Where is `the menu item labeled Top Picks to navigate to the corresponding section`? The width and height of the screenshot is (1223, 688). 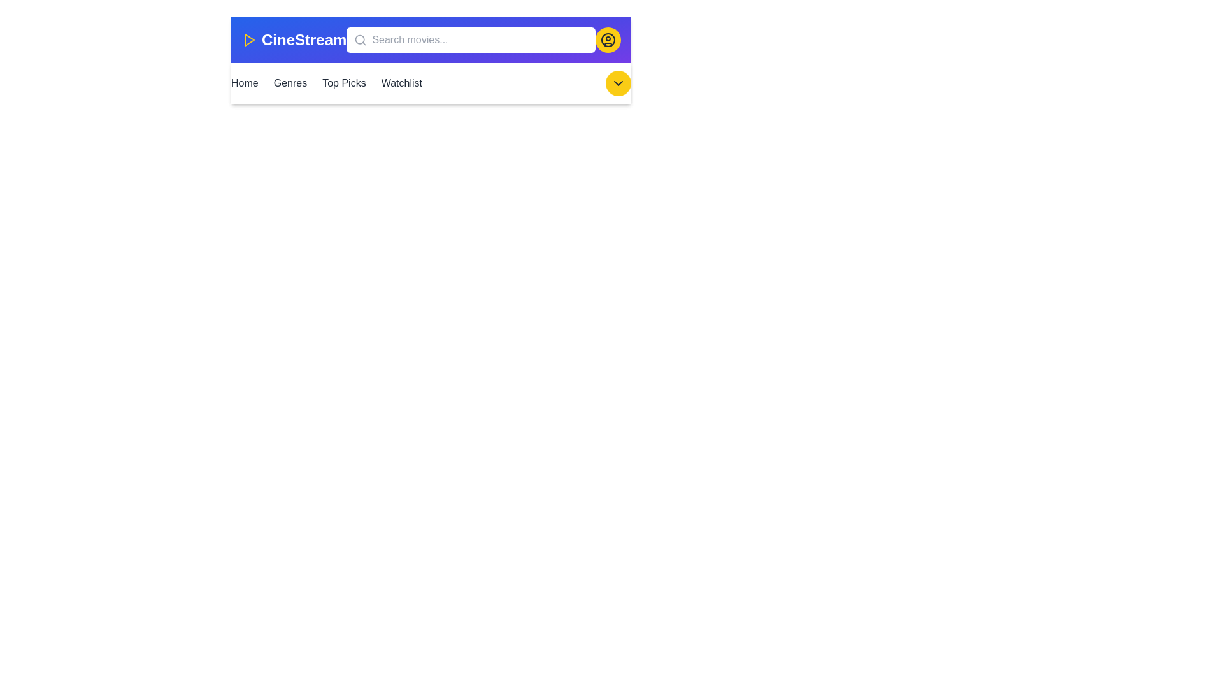 the menu item labeled Top Picks to navigate to the corresponding section is located at coordinates (343, 83).